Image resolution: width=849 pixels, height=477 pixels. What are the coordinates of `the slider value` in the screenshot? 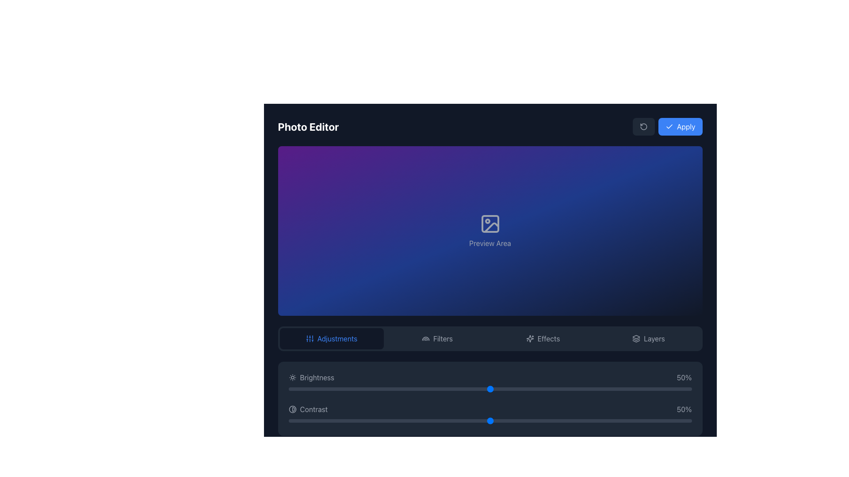 It's located at (635, 388).